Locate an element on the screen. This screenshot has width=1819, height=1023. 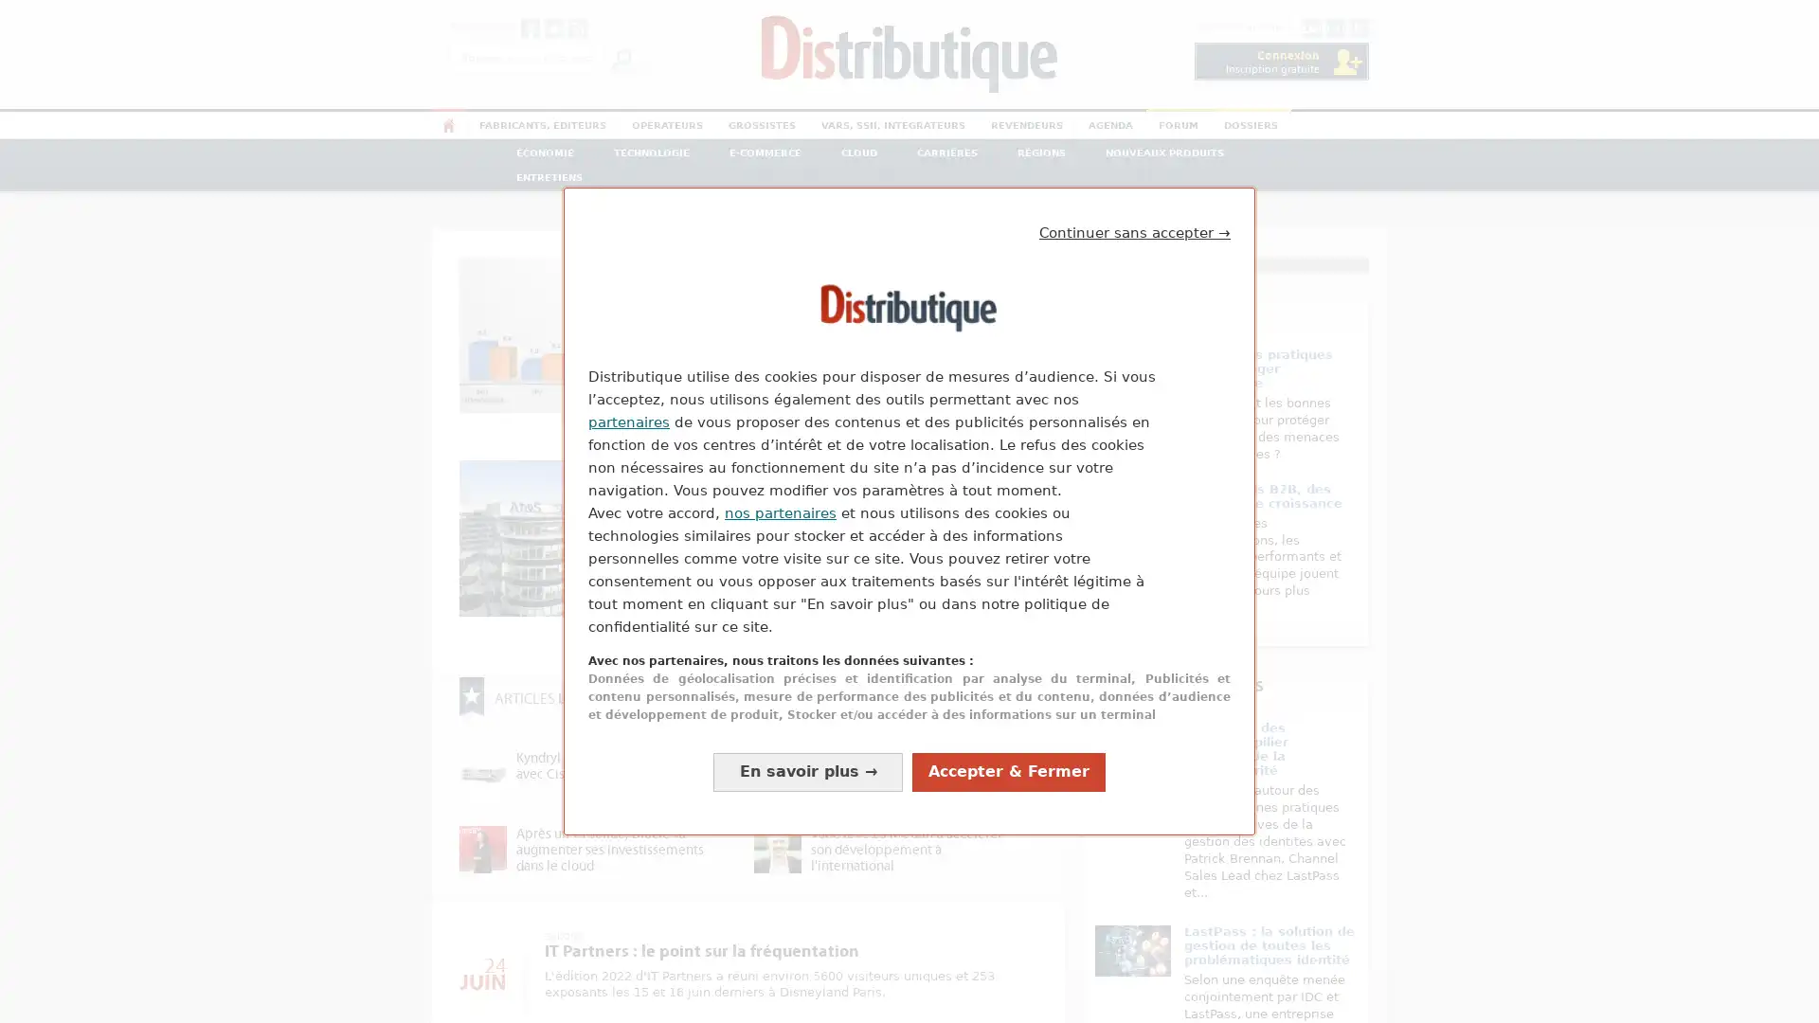
Continuer sans accepter is located at coordinates (1135, 232).